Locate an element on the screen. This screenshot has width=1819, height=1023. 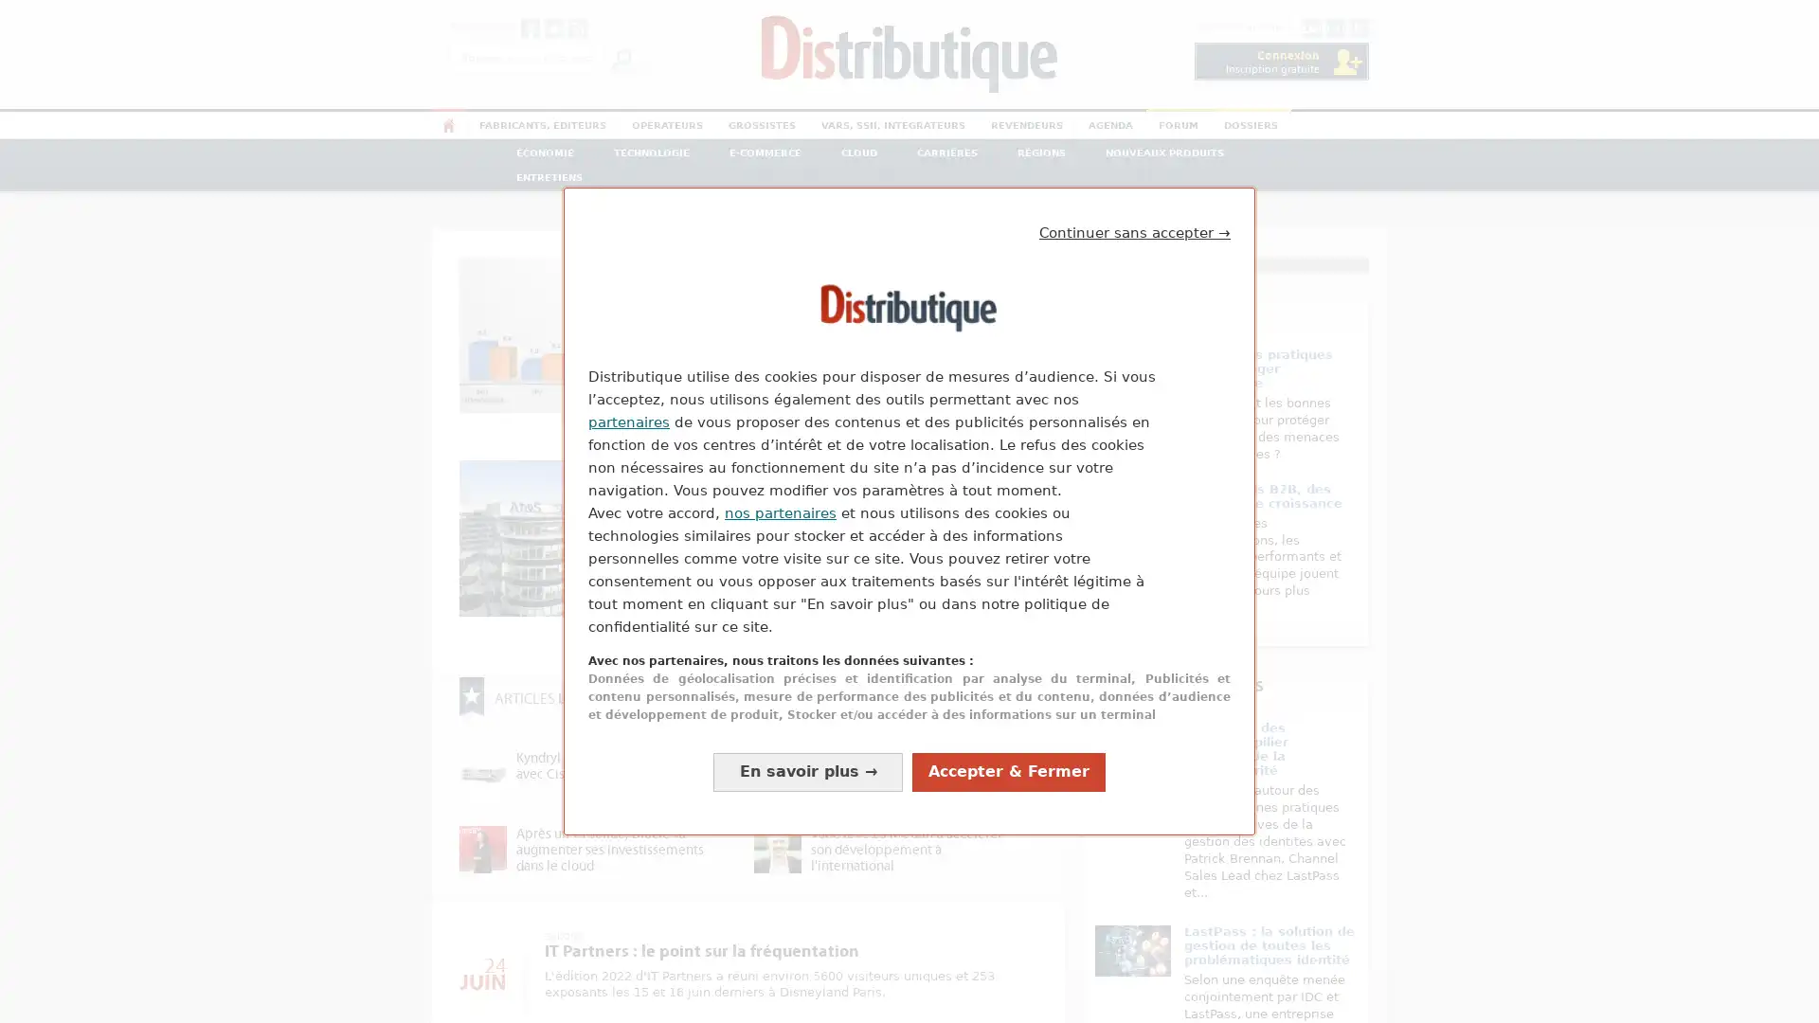
Continuer sans accepter is located at coordinates (1135, 232).